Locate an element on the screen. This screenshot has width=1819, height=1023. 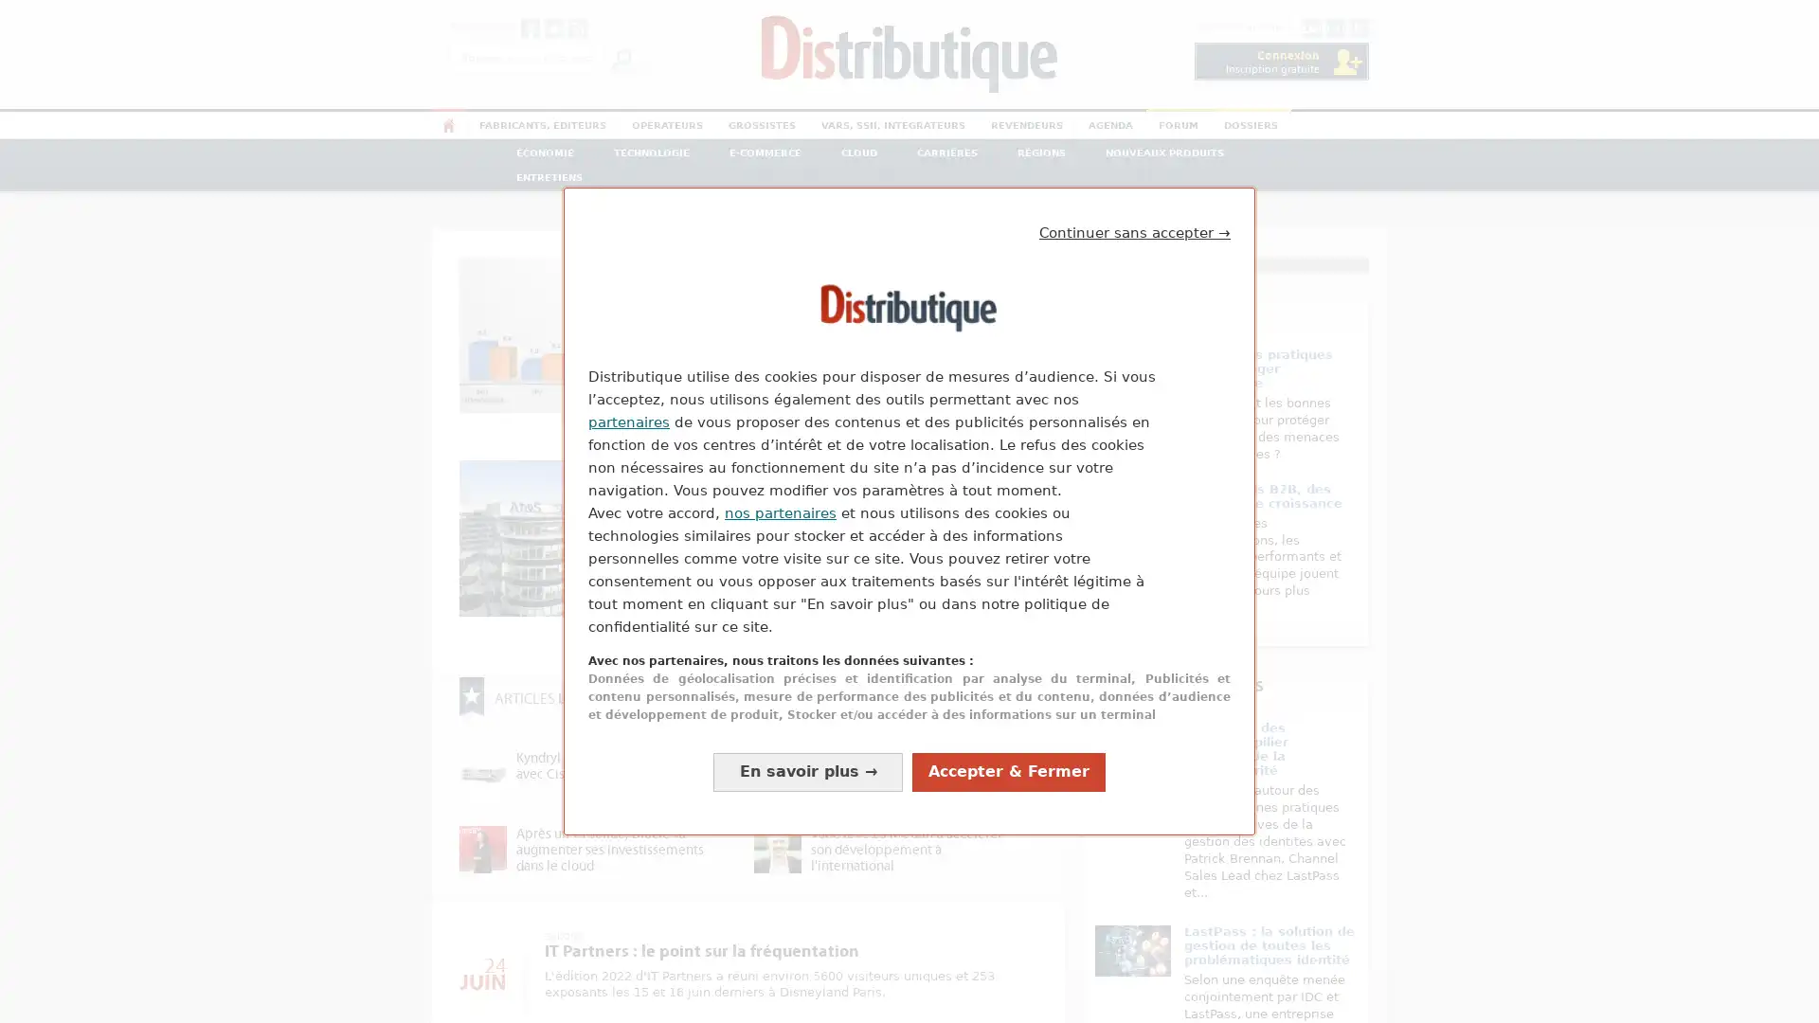
Continuer sans accepter is located at coordinates (1135, 232).